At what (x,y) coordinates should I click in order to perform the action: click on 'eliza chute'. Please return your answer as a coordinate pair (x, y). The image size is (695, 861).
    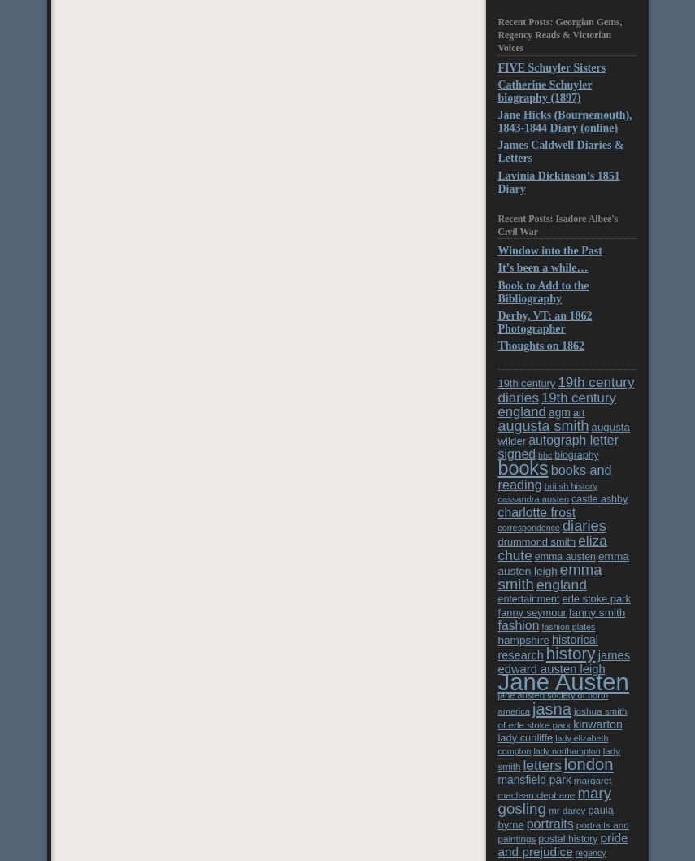
    Looking at the image, I should click on (552, 547).